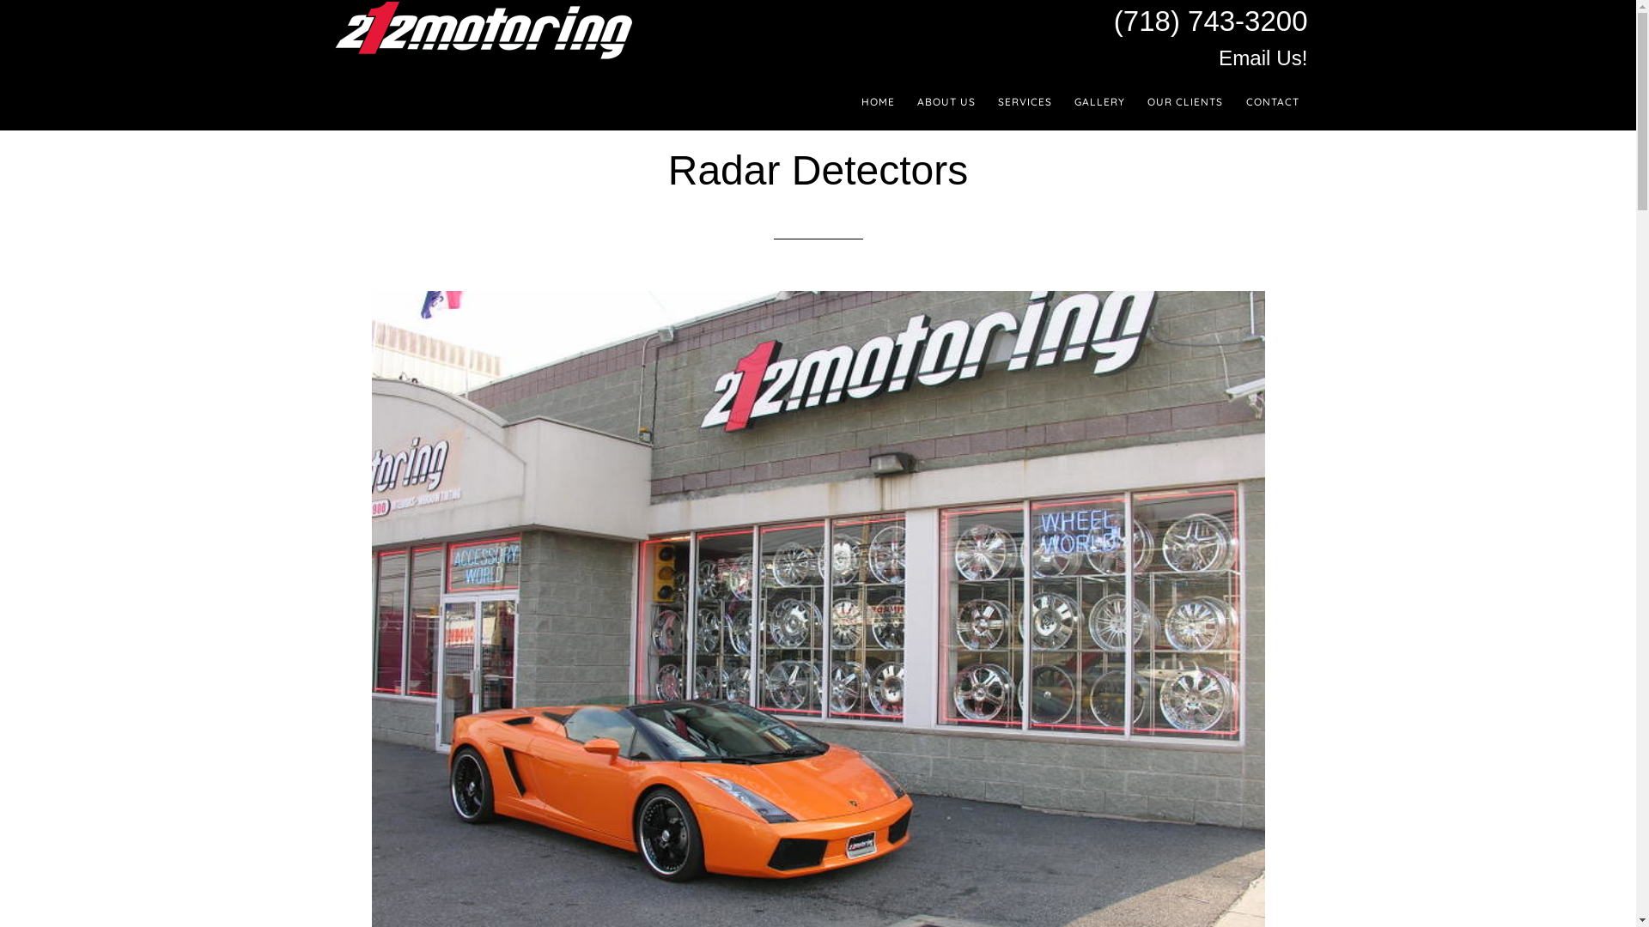  I want to click on 'HOME', so click(853, 102).